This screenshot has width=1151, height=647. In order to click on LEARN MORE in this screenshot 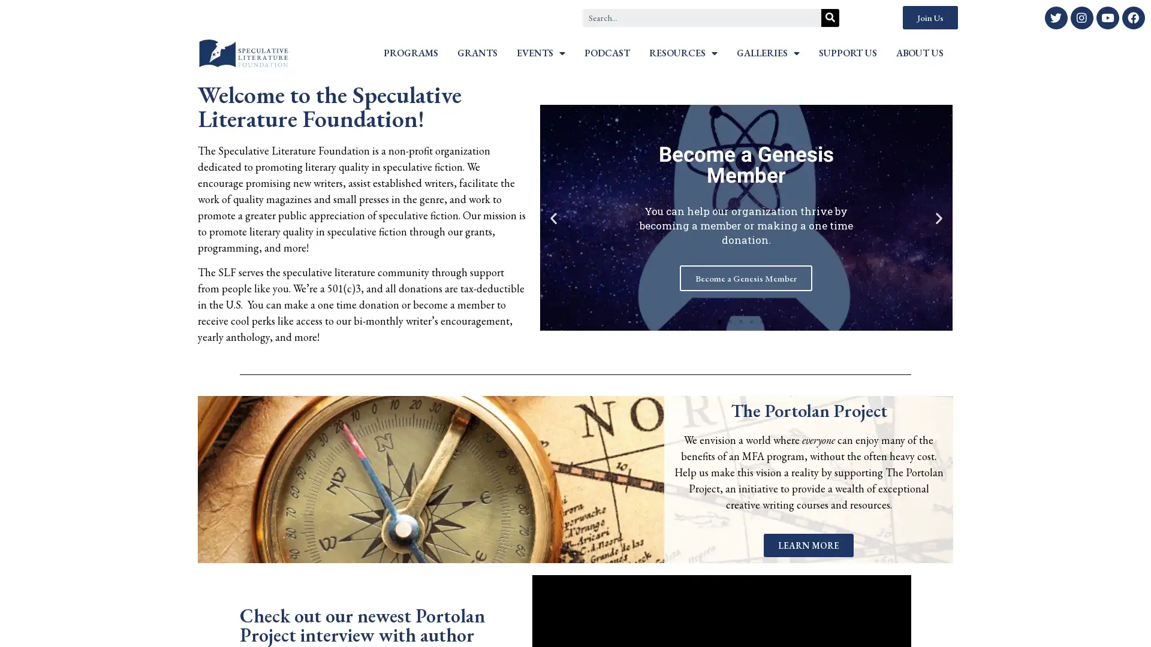, I will do `click(808, 545)`.